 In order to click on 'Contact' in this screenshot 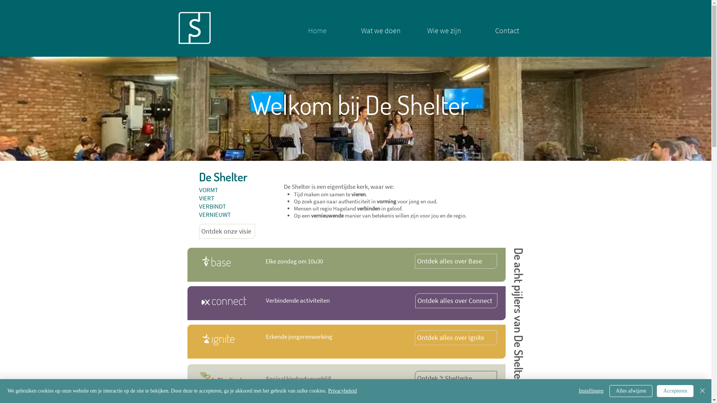, I will do `click(507, 30)`.